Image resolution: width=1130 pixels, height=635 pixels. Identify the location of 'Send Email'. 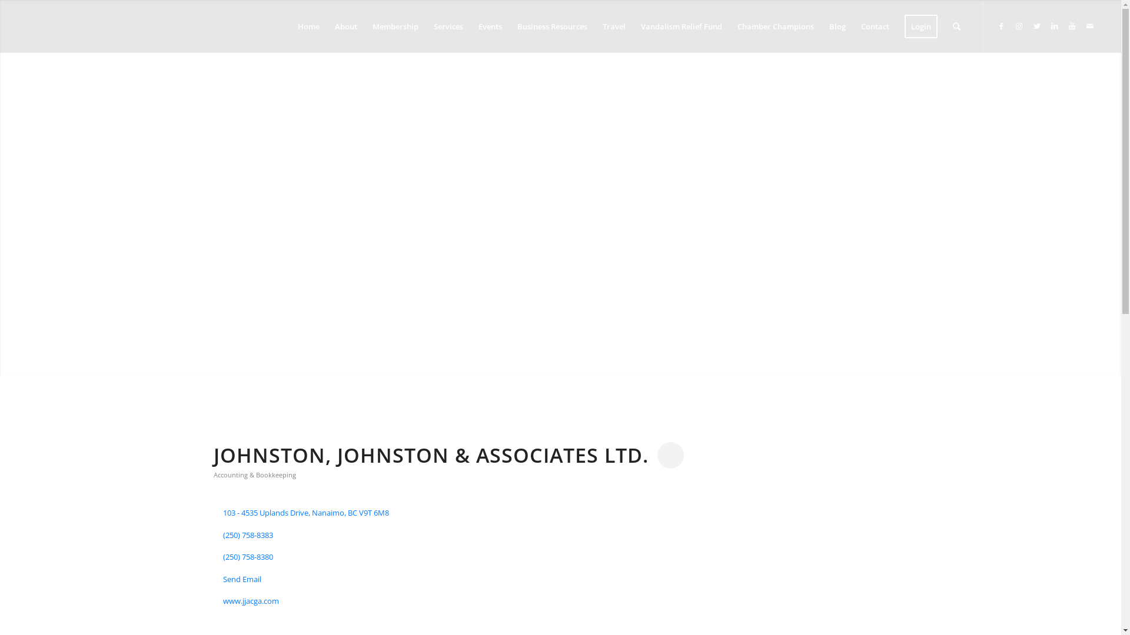
(241, 579).